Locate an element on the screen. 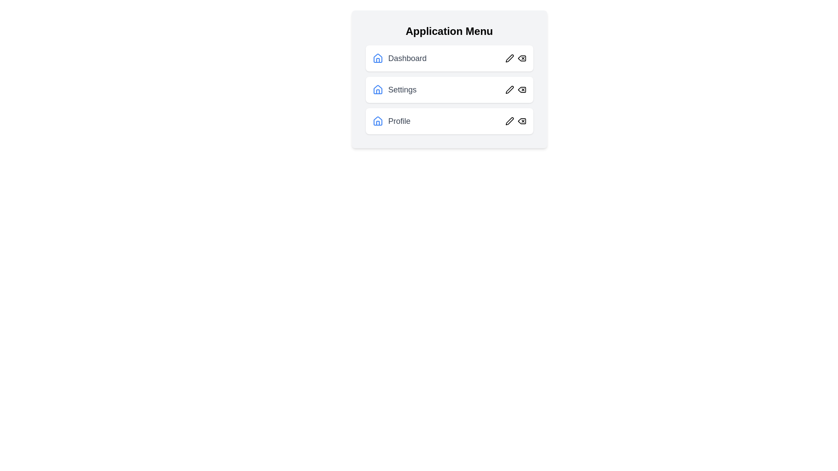 Image resolution: width=838 pixels, height=471 pixels. the 'Dashboard' icon located to the left of the text label in the menu is located at coordinates (378, 58).